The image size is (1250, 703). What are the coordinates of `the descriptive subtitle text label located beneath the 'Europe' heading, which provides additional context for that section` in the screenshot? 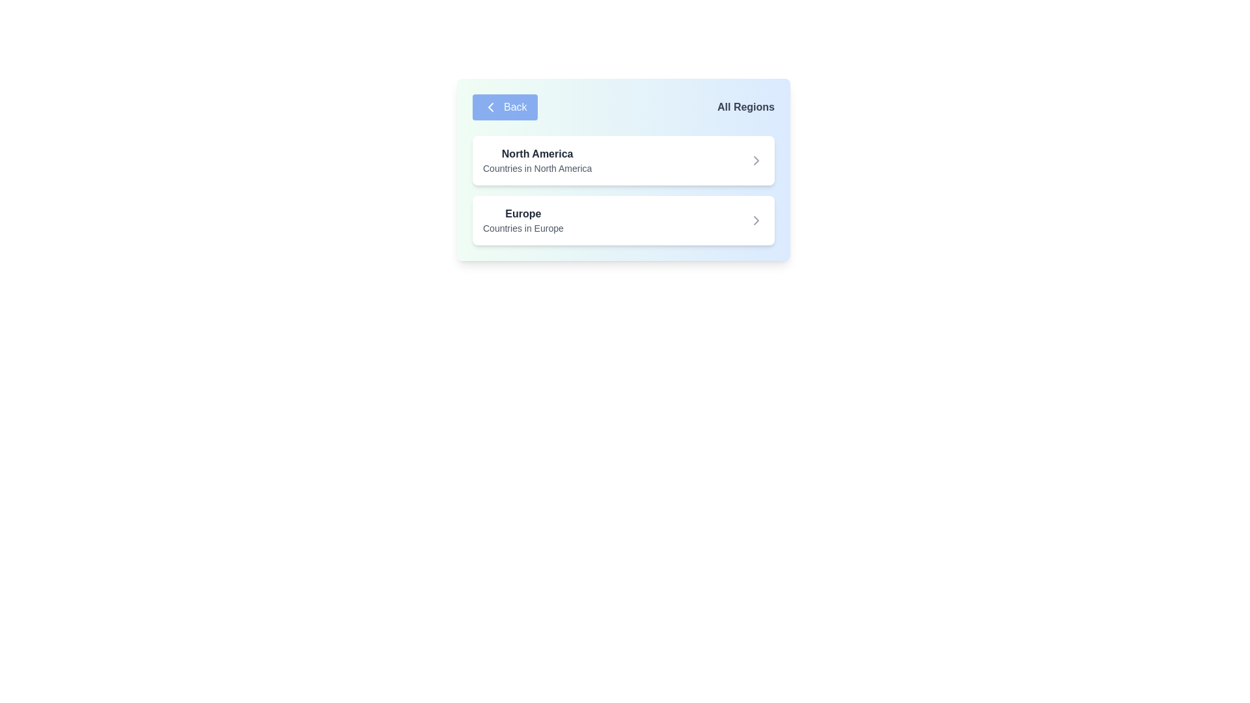 It's located at (523, 228).